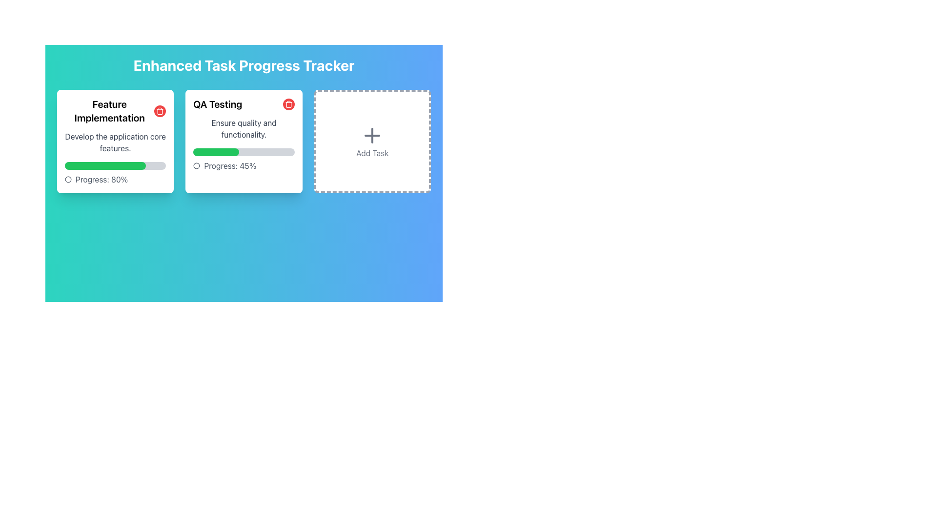  What do you see at coordinates (115, 165) in the screenshot?
I see `the Progress Bar representing 80% completion within the 'Feature Implementation' card` at bounding box center [115, 165].